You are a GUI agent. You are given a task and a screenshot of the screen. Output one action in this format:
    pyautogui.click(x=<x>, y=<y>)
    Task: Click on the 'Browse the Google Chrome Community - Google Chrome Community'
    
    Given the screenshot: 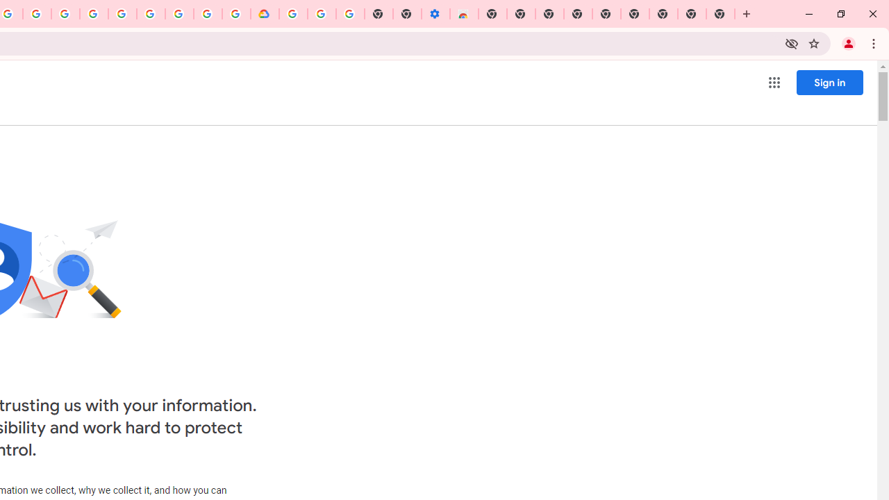 What is the action you would take?
    pyautogui.click(x=236, y=14)
    